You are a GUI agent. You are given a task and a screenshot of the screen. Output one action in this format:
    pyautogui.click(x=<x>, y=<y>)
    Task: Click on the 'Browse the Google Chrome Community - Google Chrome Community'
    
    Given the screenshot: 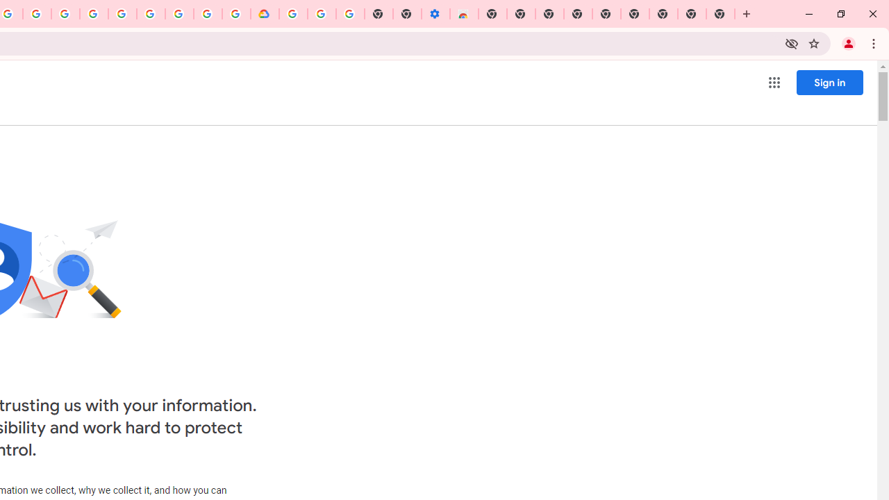 What is the action you would take?
    pyautogui.click(x=236, y=14)
    